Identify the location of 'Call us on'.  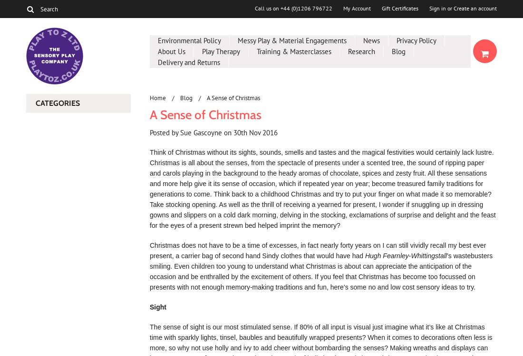
(267, 8).